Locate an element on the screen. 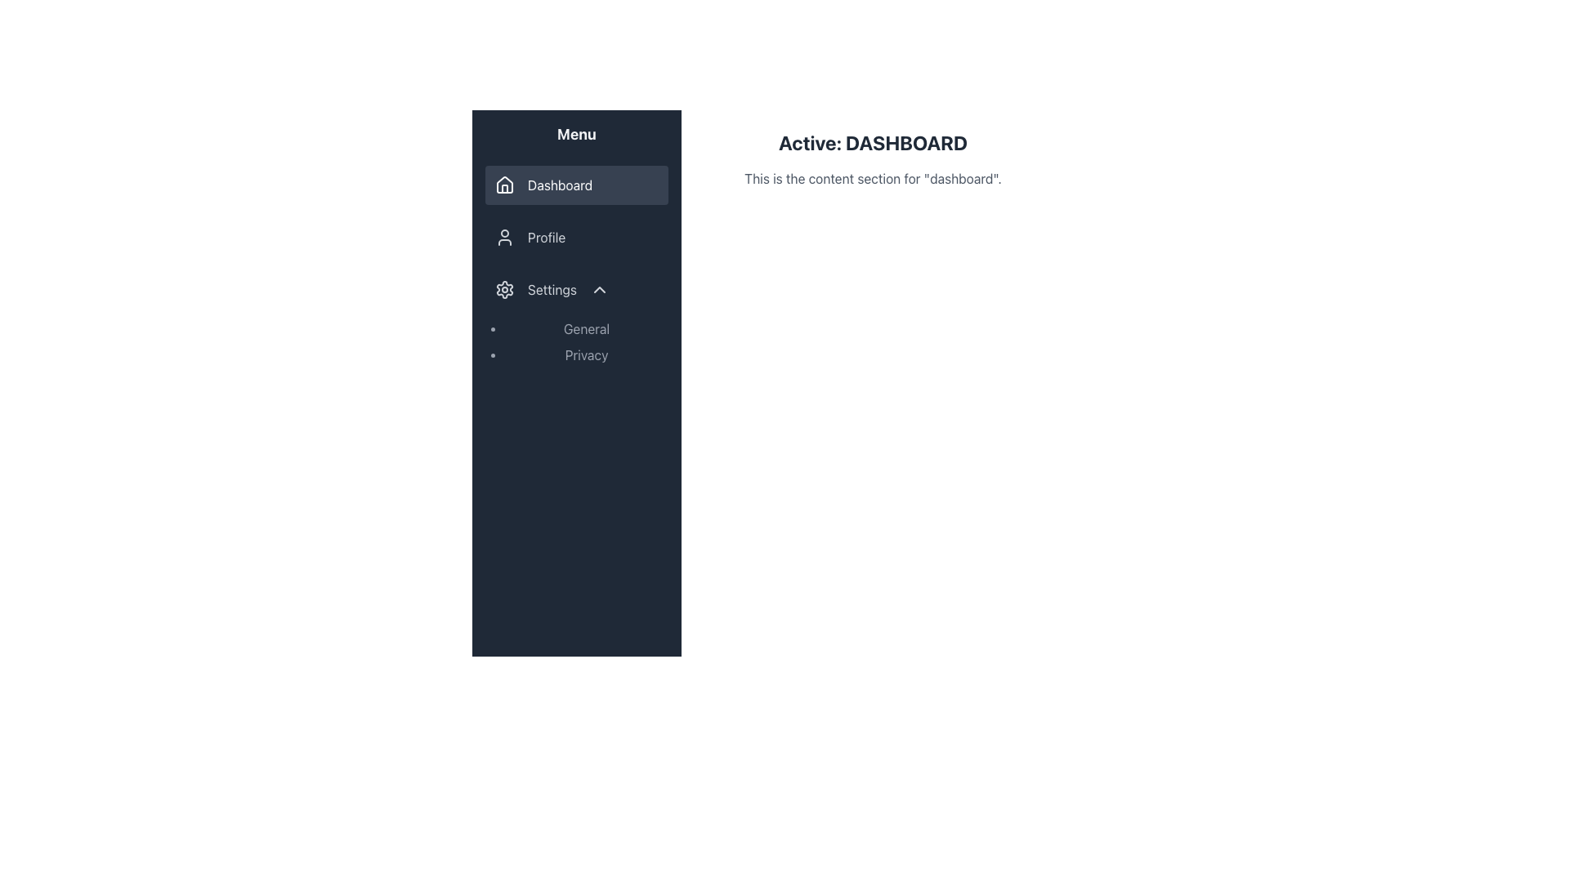 Image resolution: width=1569 pixels, height=882 pixels. the 'Dashboard' icon located in the sidebar navigation section, specifically positioned to the left of the 'Dashboard' menu item under the 'Menu' title is located at coordinates (504, 185).